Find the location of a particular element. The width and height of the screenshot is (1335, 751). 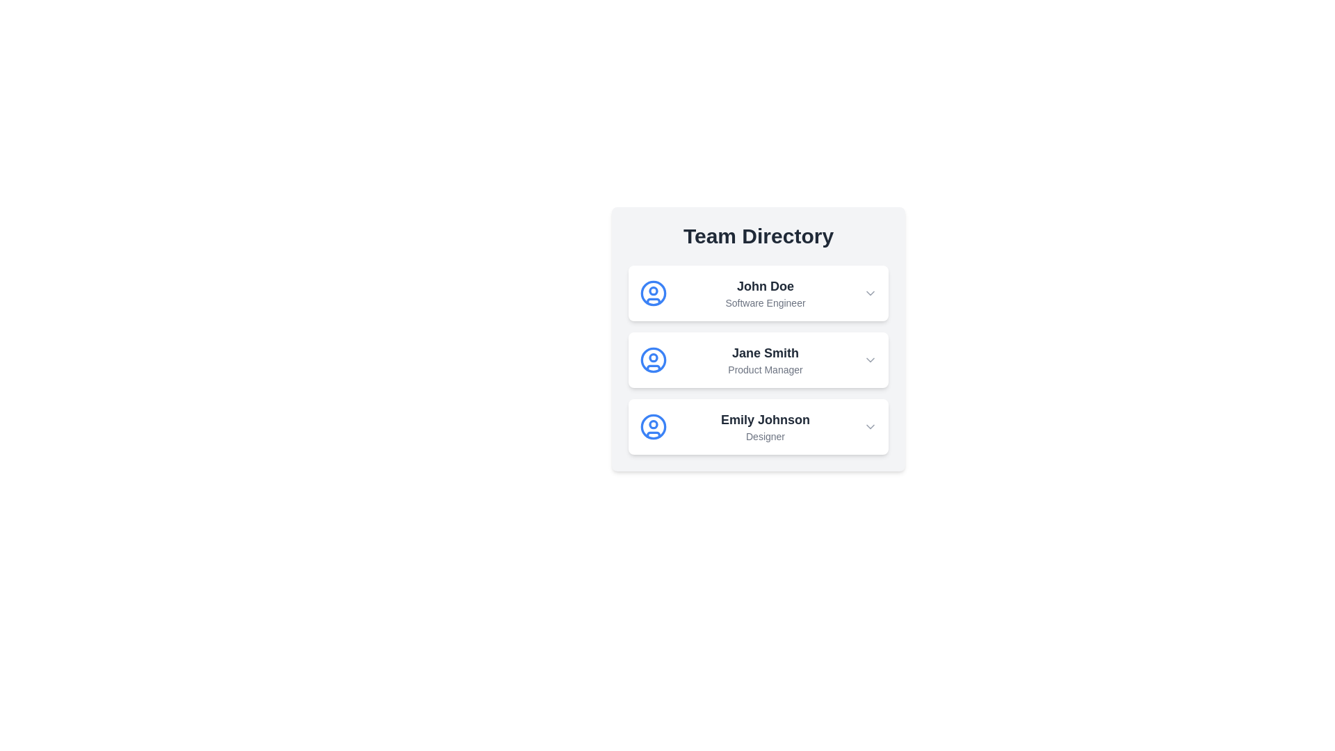

the user name Emily Johnson to select it is located at coordinates (764, 419).